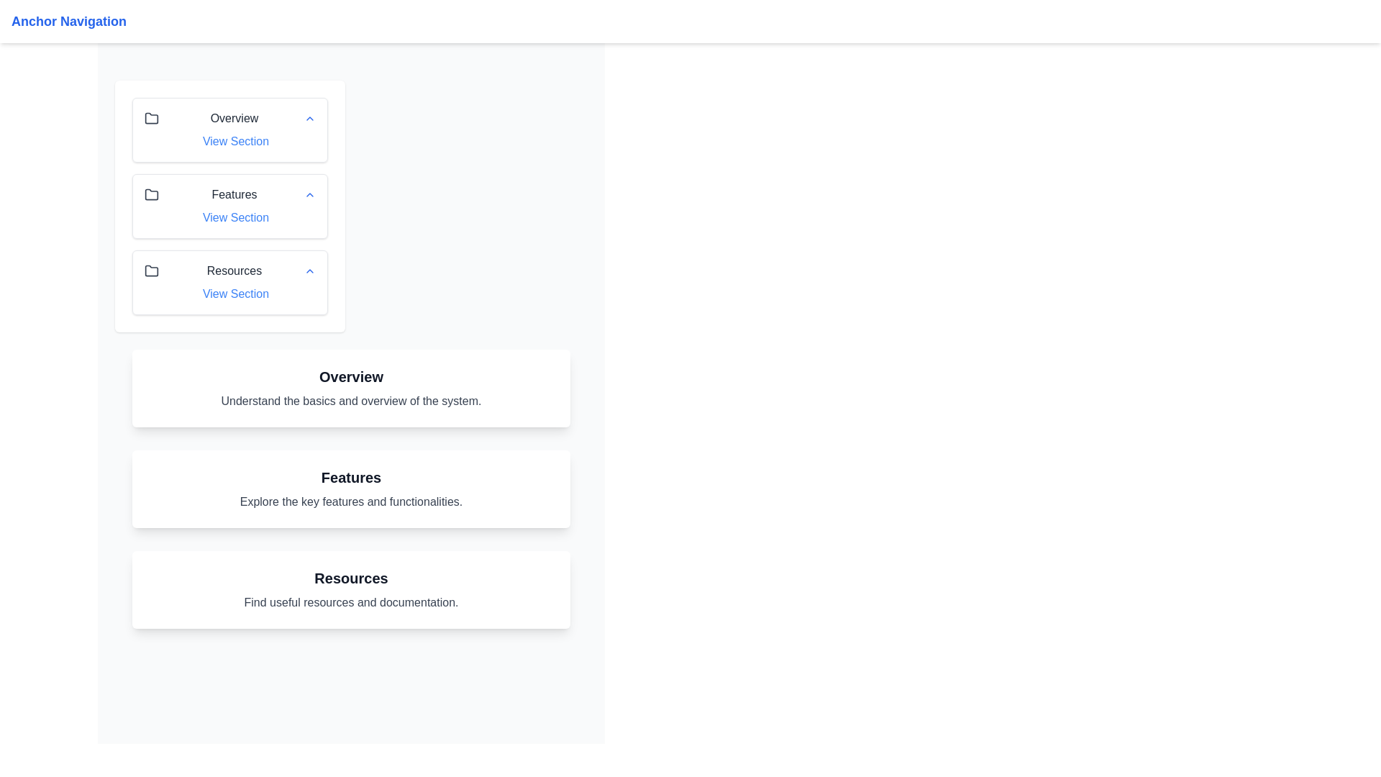  I want to click on the 'View Section' hyperlink styled in blue that appears under the 'Overview' label, so click(235, 141).